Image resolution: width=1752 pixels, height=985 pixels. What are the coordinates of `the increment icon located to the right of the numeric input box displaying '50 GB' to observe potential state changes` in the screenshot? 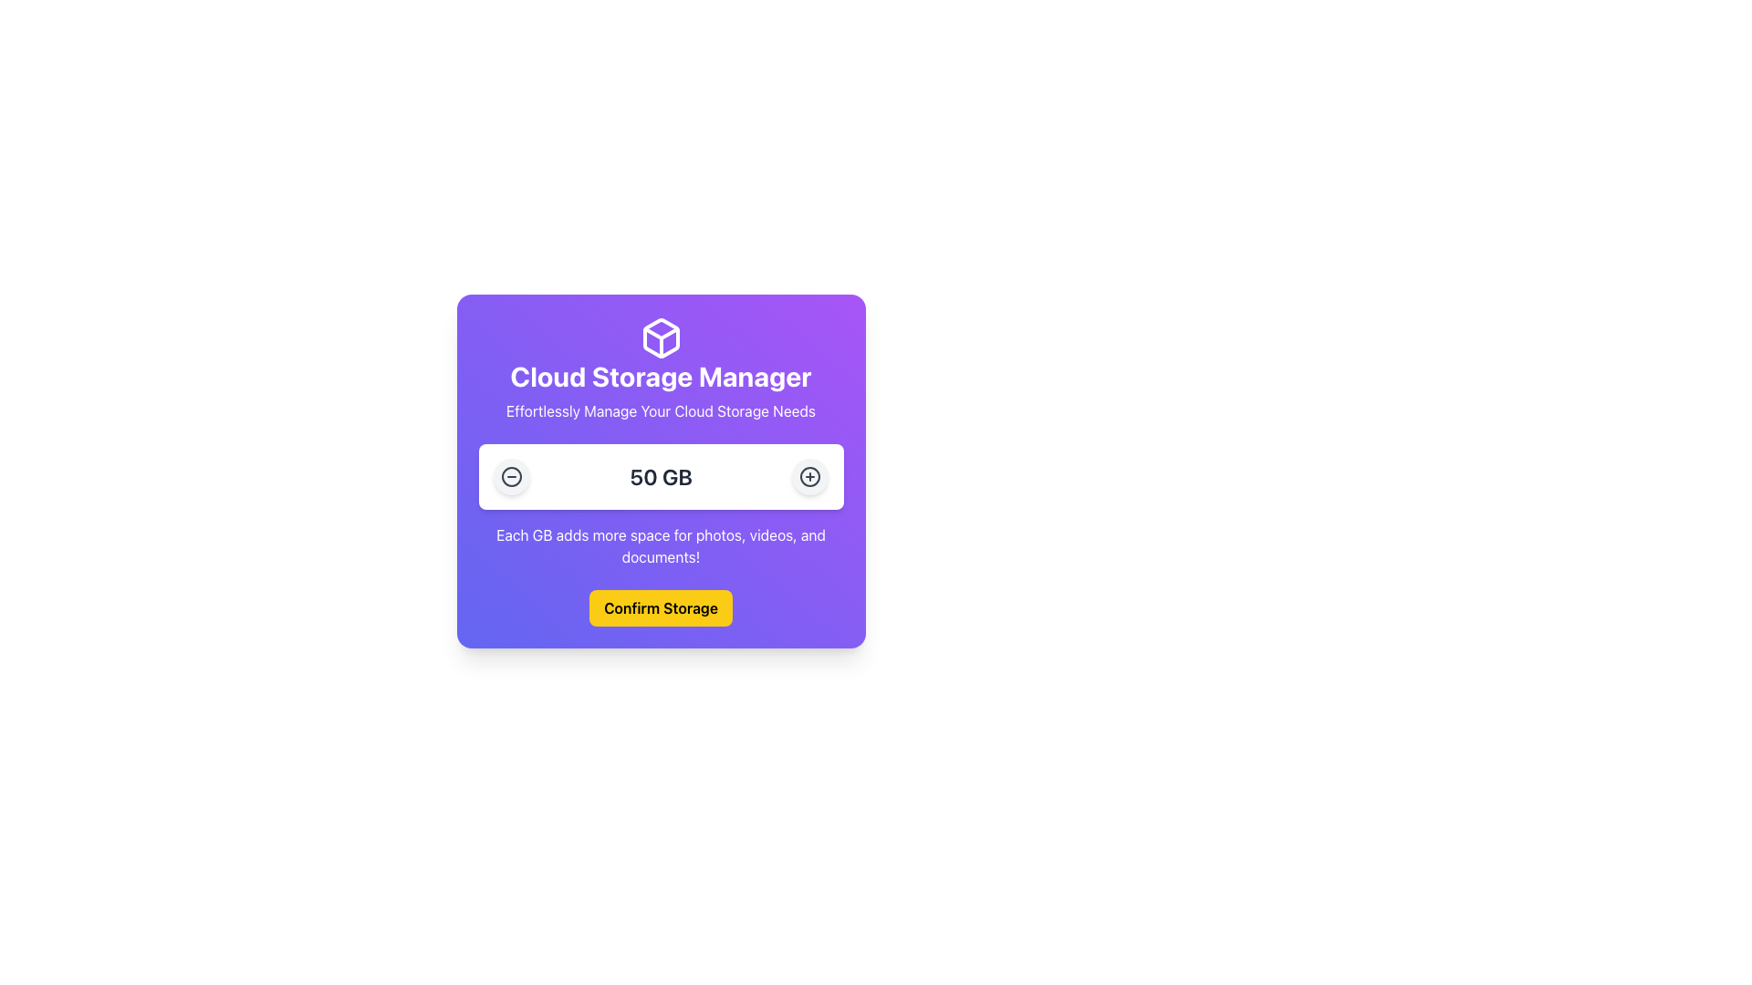 It's located at (809, 476).